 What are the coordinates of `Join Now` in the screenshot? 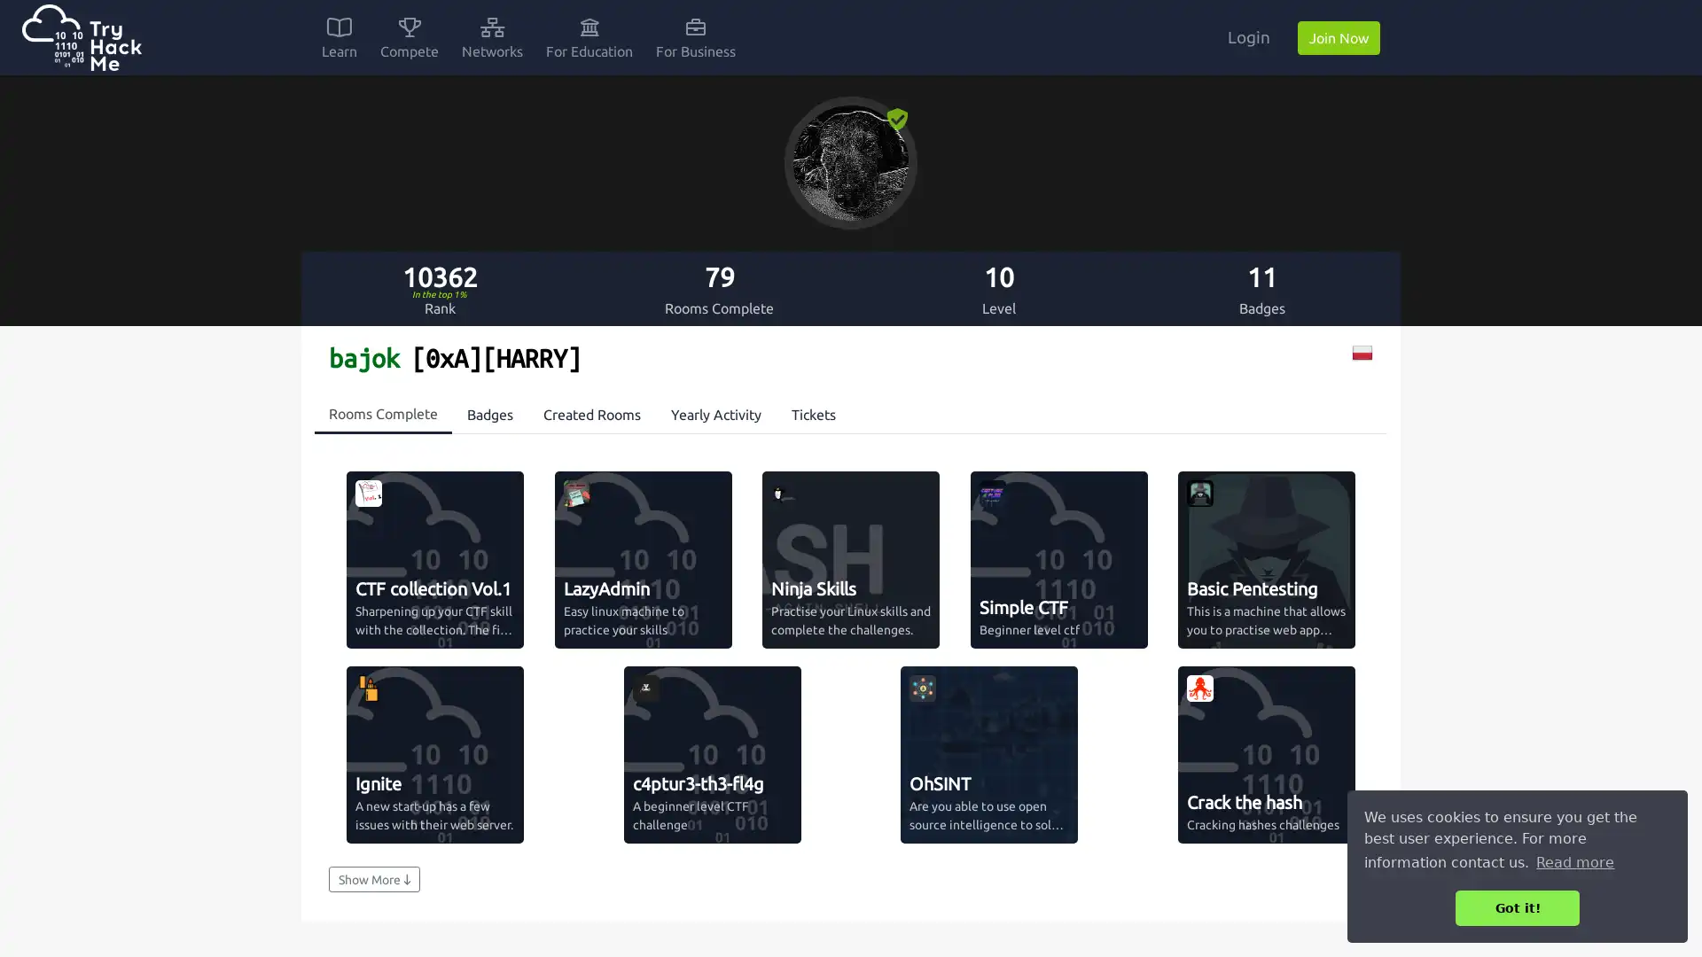 It's located at (1339, 37).